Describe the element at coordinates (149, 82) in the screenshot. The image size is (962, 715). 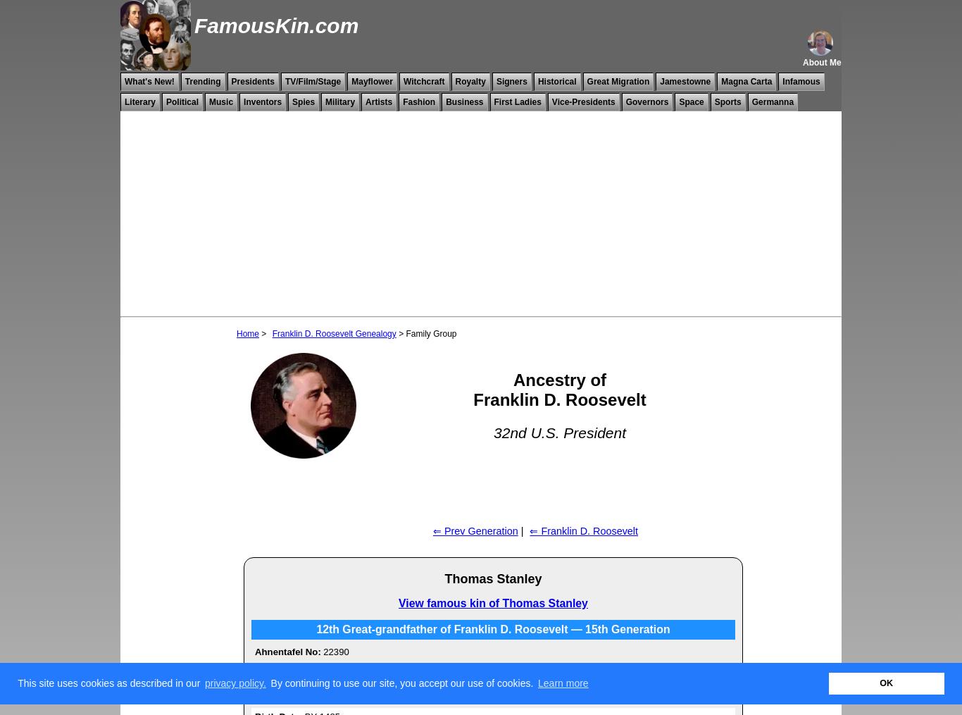
I see `'What's New!'` at that location.